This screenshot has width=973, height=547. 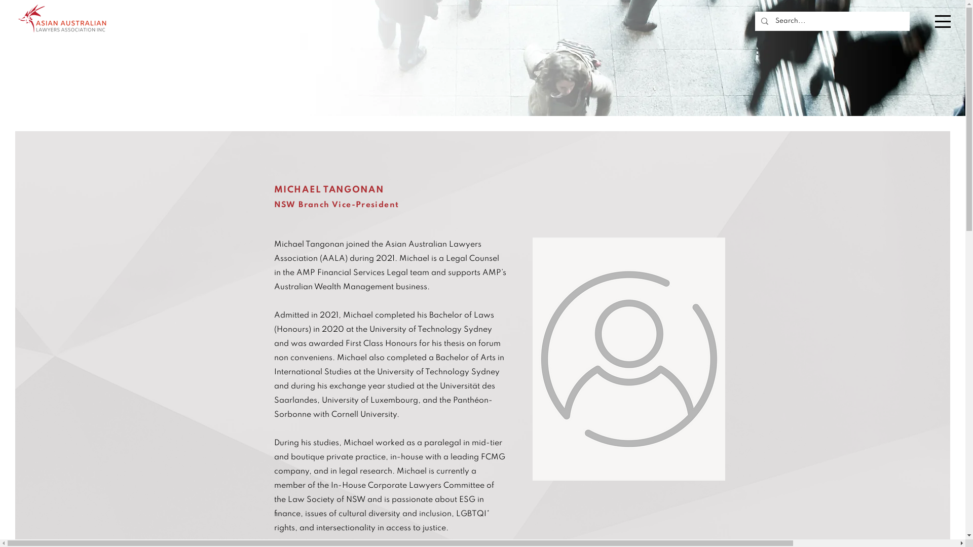 I want to click on 'Placeholder.png', so click(x=627, y=359).